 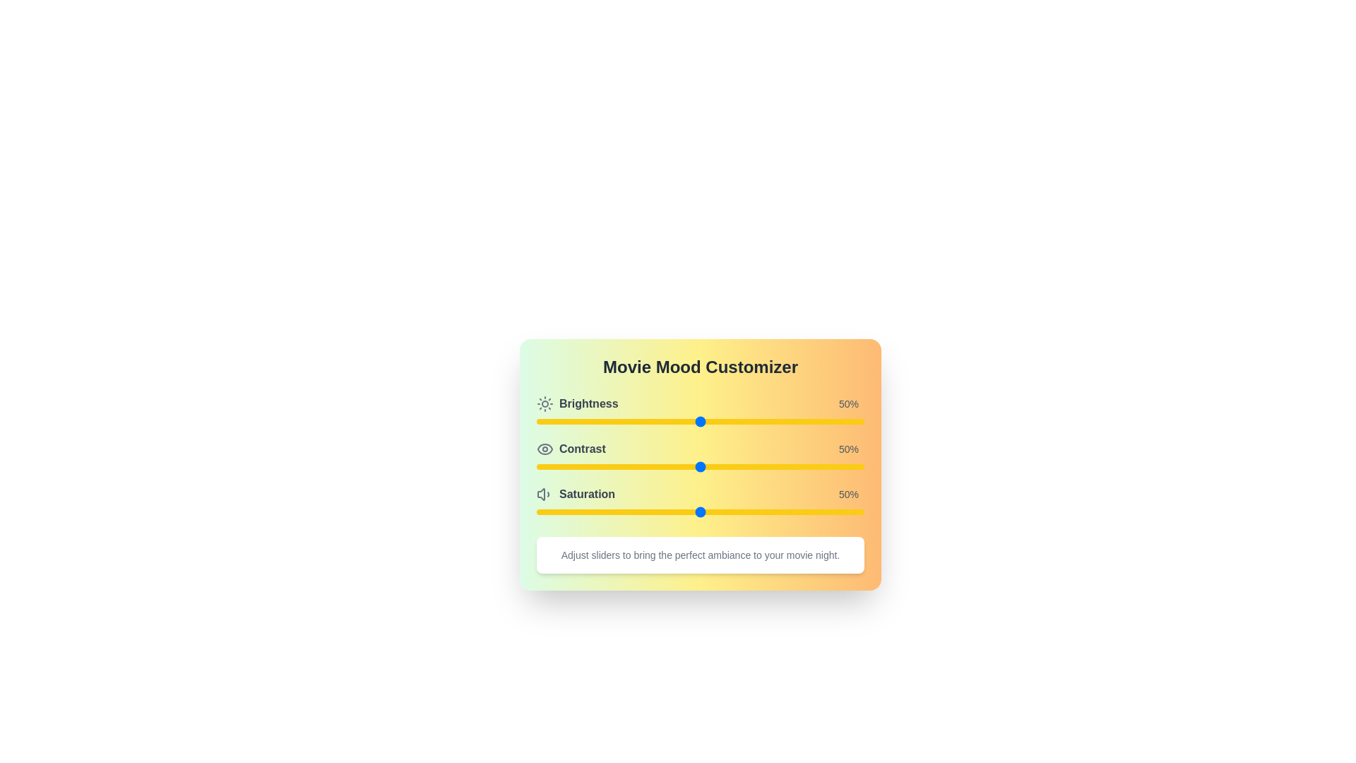 What do you see at coordinates (545, 403) in the screenshot?
I see `the brightness icon located in the top-left corner of the brightness section in the UI card` at bounding box center [545, 403].